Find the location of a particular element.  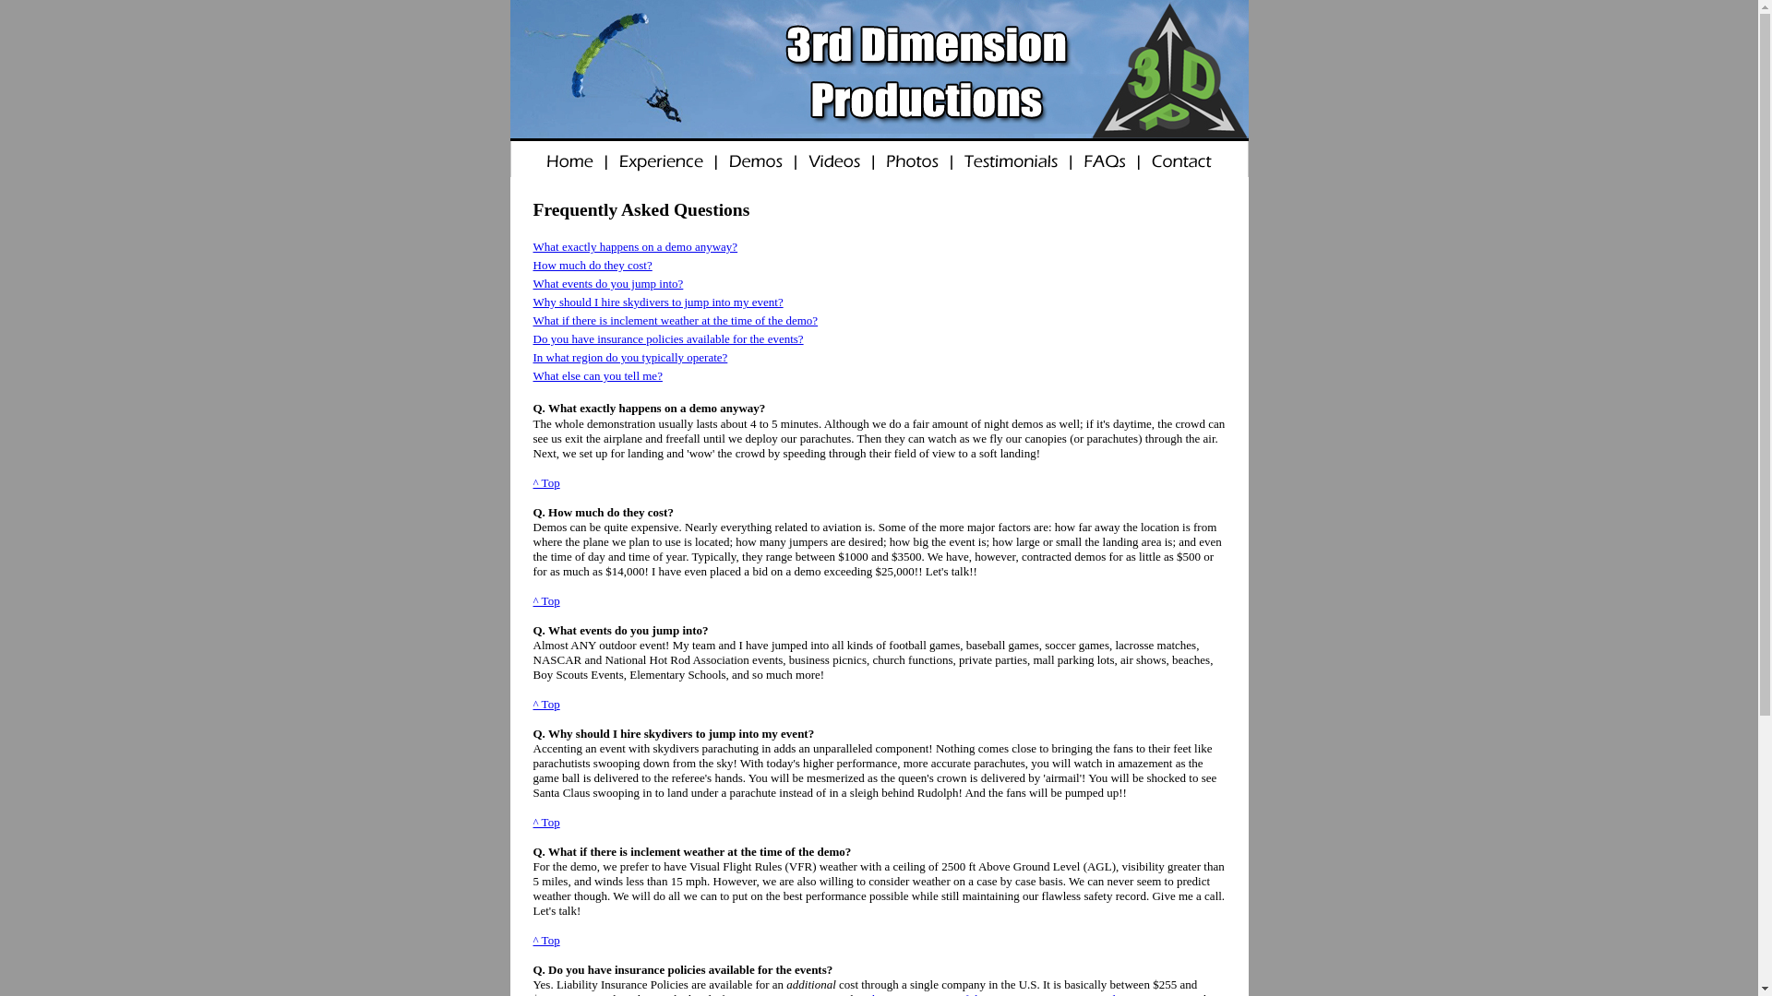

'In what region do you typically operate?' is located at coordinates (630, 357).